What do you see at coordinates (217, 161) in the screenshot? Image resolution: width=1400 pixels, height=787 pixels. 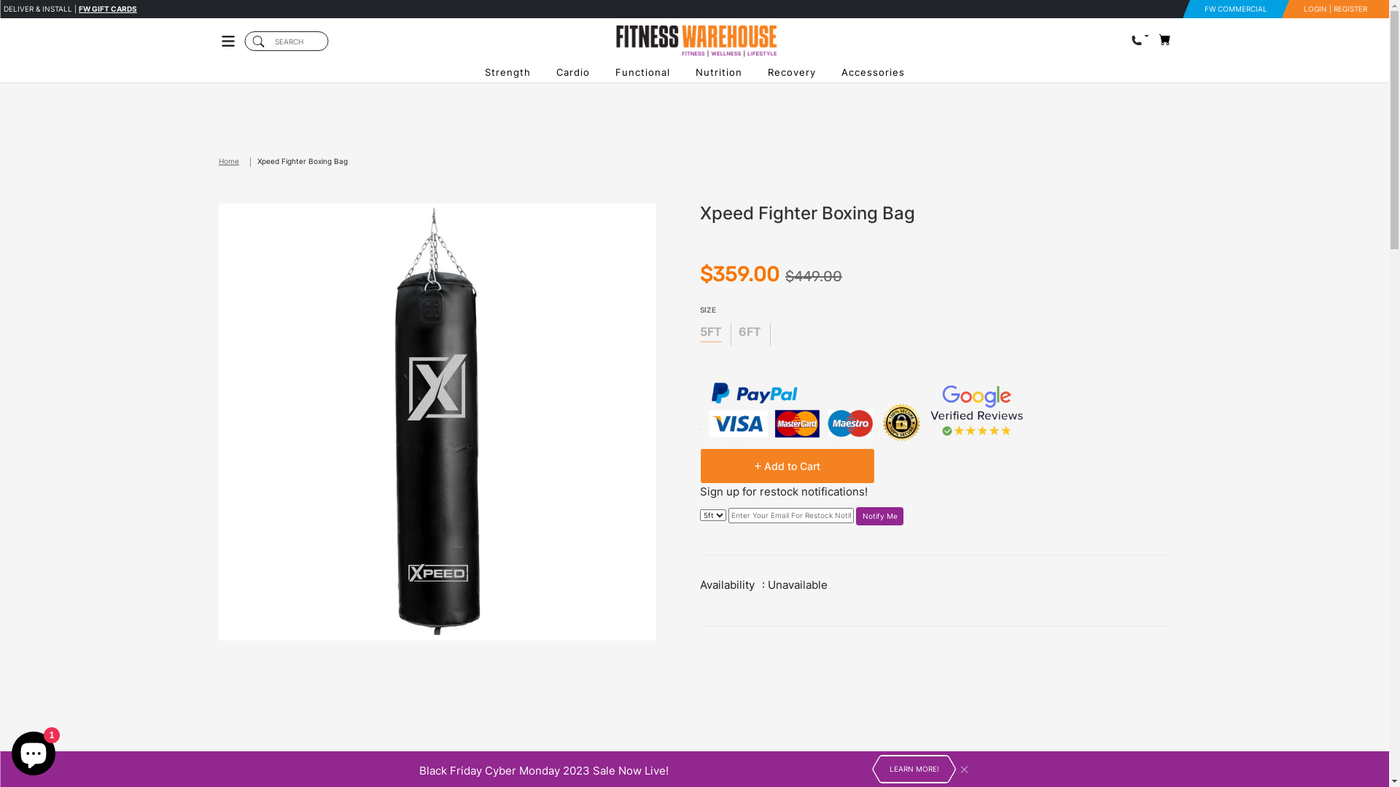 I see `'Home'` at bounding box center [217, 161].